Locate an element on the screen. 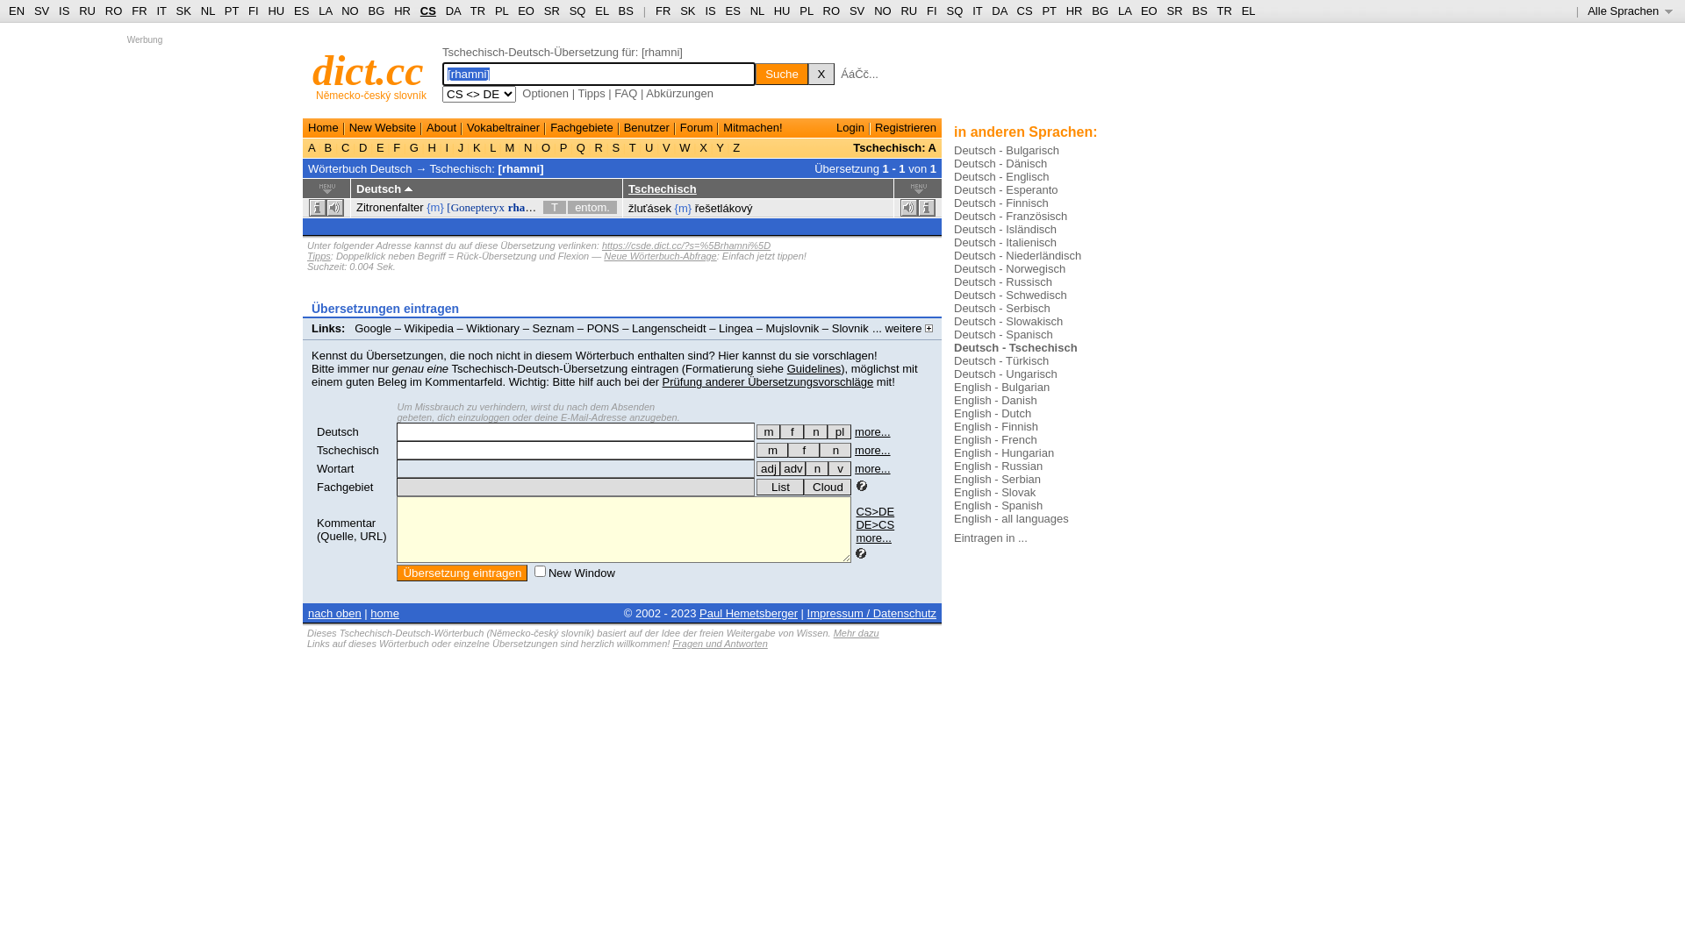  'LA' is located at coordinates (325, 11).